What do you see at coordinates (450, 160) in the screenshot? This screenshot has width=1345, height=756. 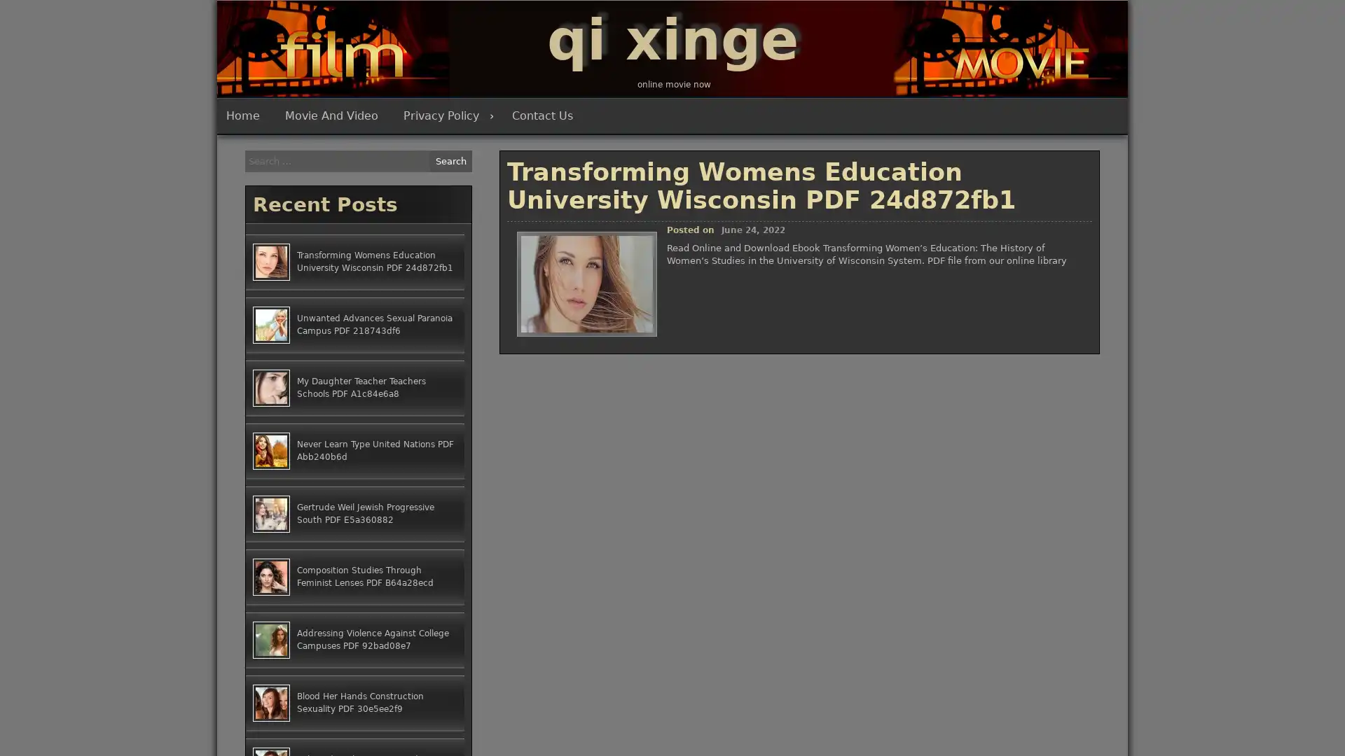 I see `Search` at bounding box center [450, 160].